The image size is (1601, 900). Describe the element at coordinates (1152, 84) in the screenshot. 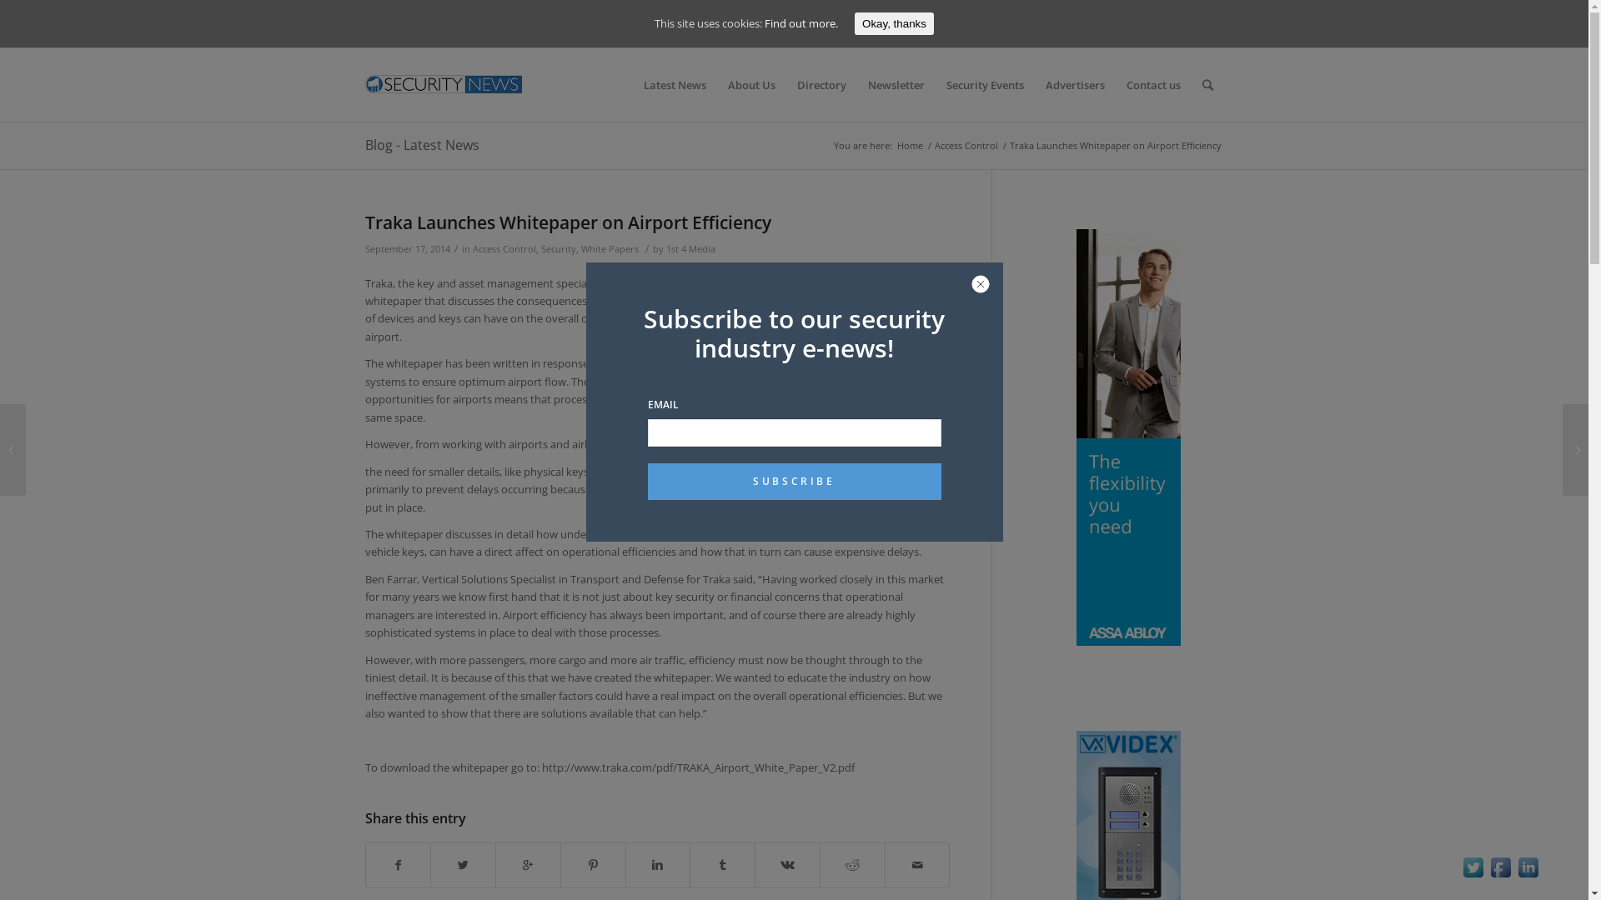

I see `'Contact us'` at that location.